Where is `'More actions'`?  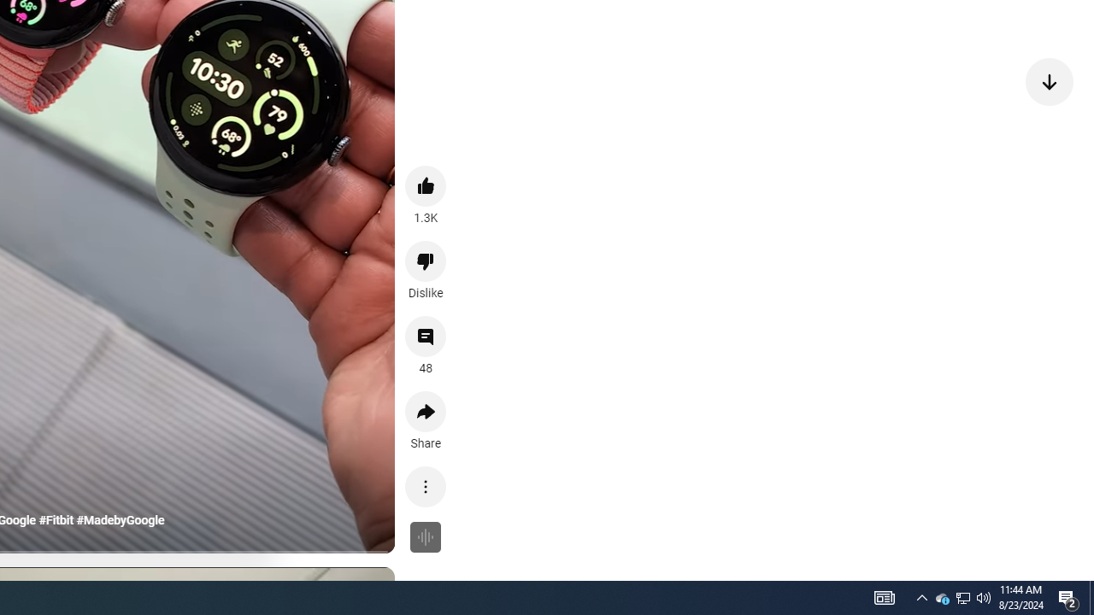 'More actions' is located at coordinates (426, 486).